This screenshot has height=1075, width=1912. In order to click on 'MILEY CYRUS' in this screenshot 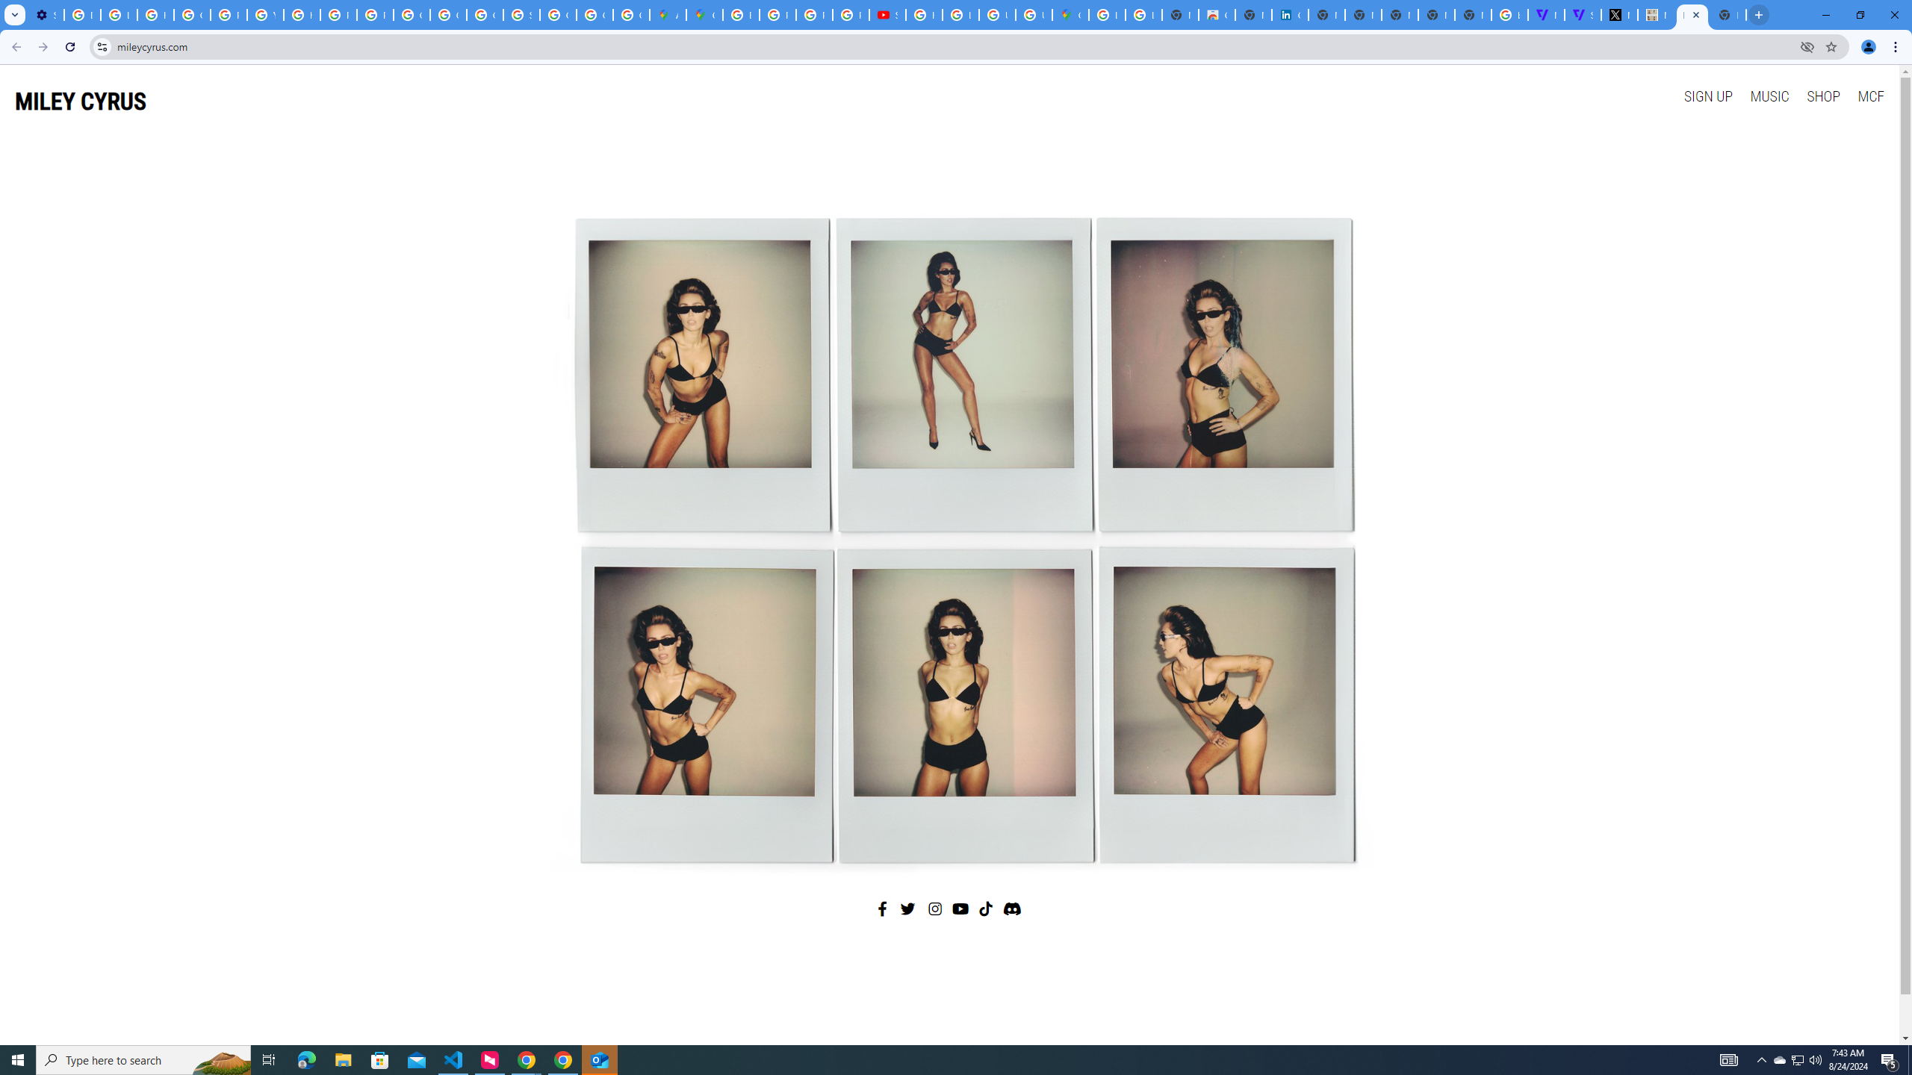, I will do `click(80, 101)`.